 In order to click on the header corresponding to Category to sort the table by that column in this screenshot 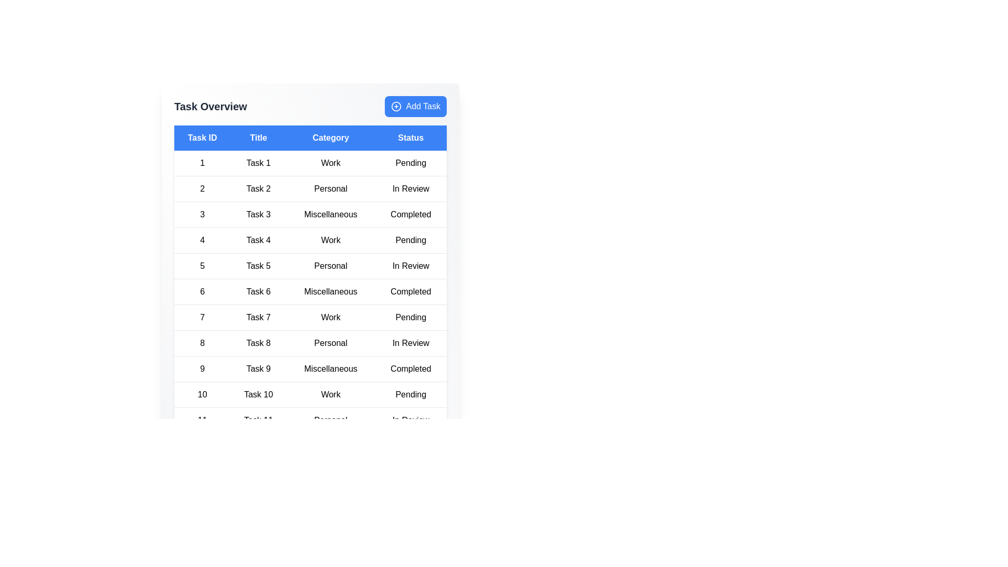, I will do `click(330, 137)`.